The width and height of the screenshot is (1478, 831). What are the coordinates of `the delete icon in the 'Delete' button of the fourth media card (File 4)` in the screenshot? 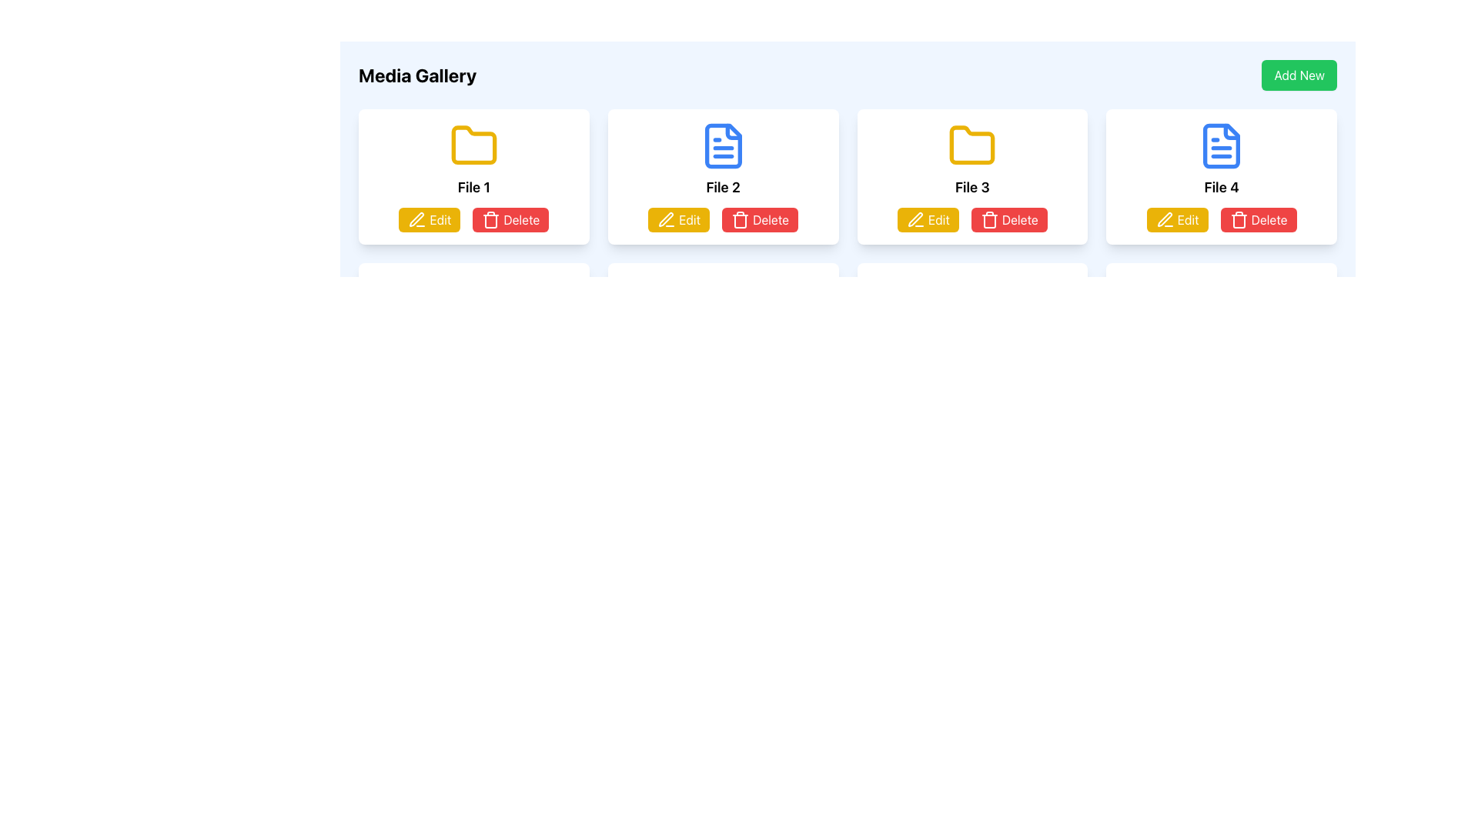 It's located at (1239, 219).